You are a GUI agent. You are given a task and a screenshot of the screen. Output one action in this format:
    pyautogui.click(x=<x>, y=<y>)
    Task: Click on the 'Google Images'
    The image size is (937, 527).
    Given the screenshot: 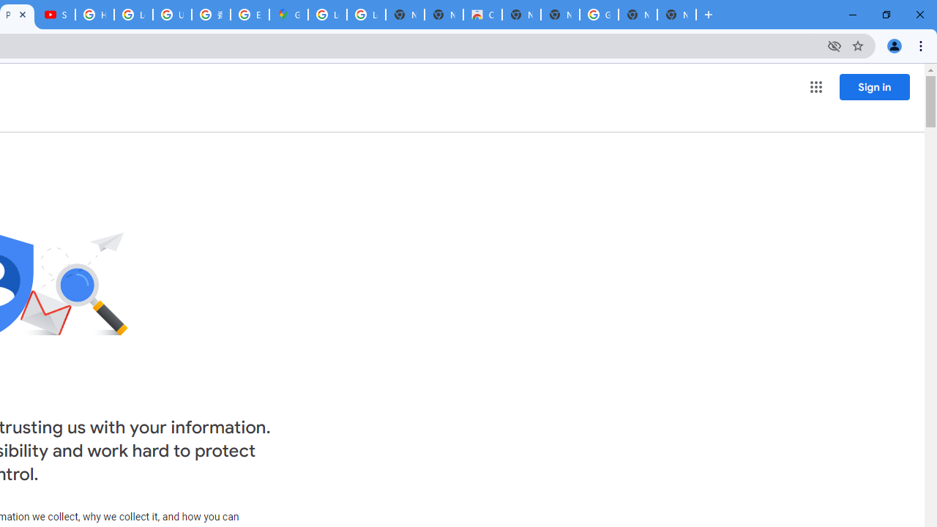 What is the action you would take?
    pyautogui.click(x=599, y=15)
    